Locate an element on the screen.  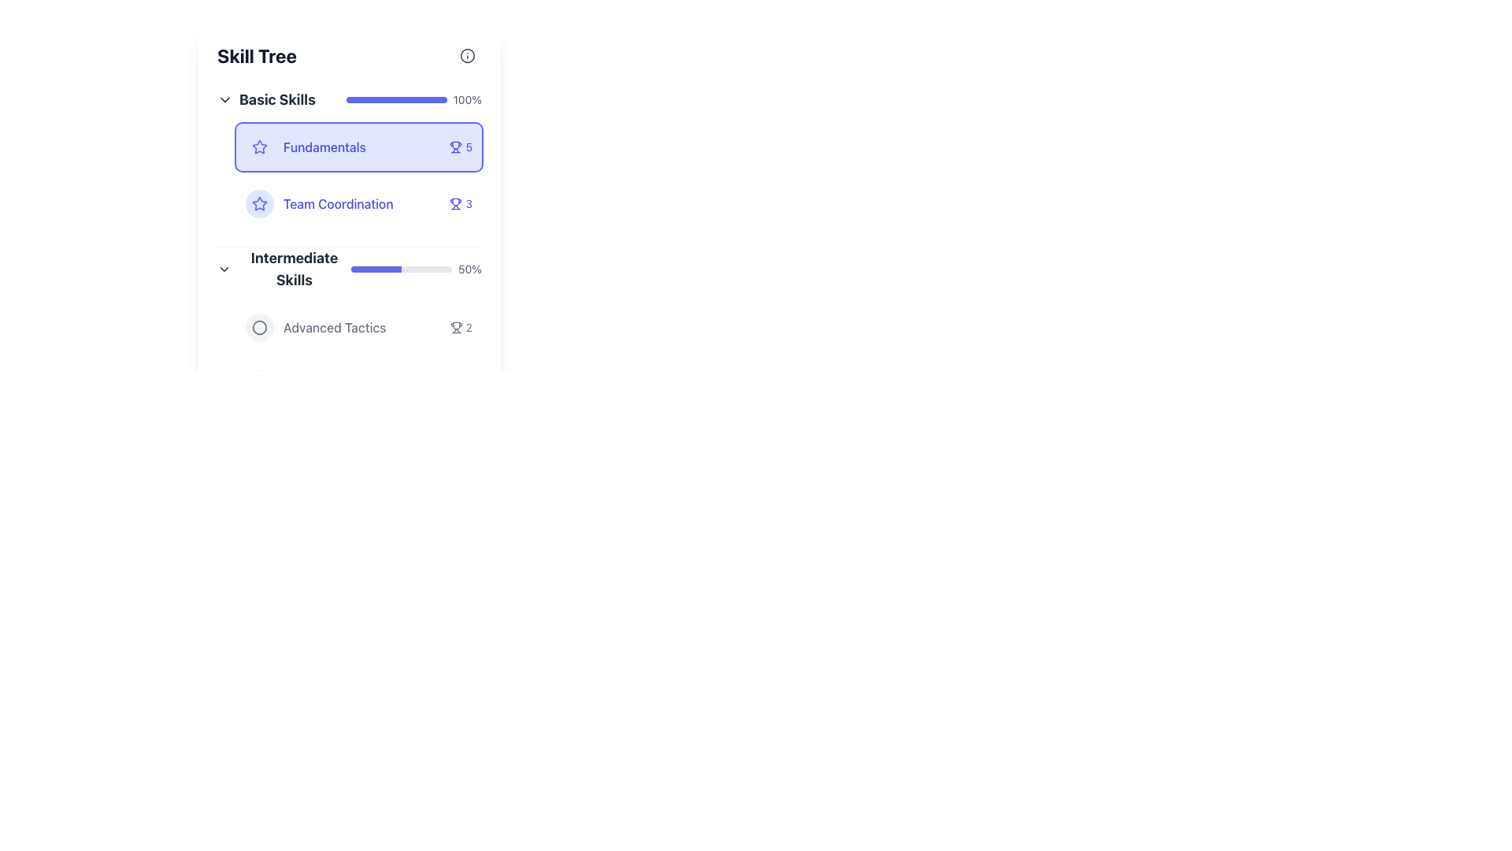
the numeral '2' displayed in a compact and bold font, colored black or dark gray, located to the right of a trophy icon in the 'Intermediate Skills' section, next to 'Advanced Tactics' is located at coordinates (468, 327).